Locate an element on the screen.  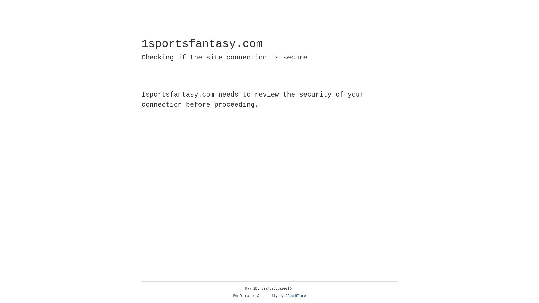
'Cloudflare' is located at coordinates (296, 296).